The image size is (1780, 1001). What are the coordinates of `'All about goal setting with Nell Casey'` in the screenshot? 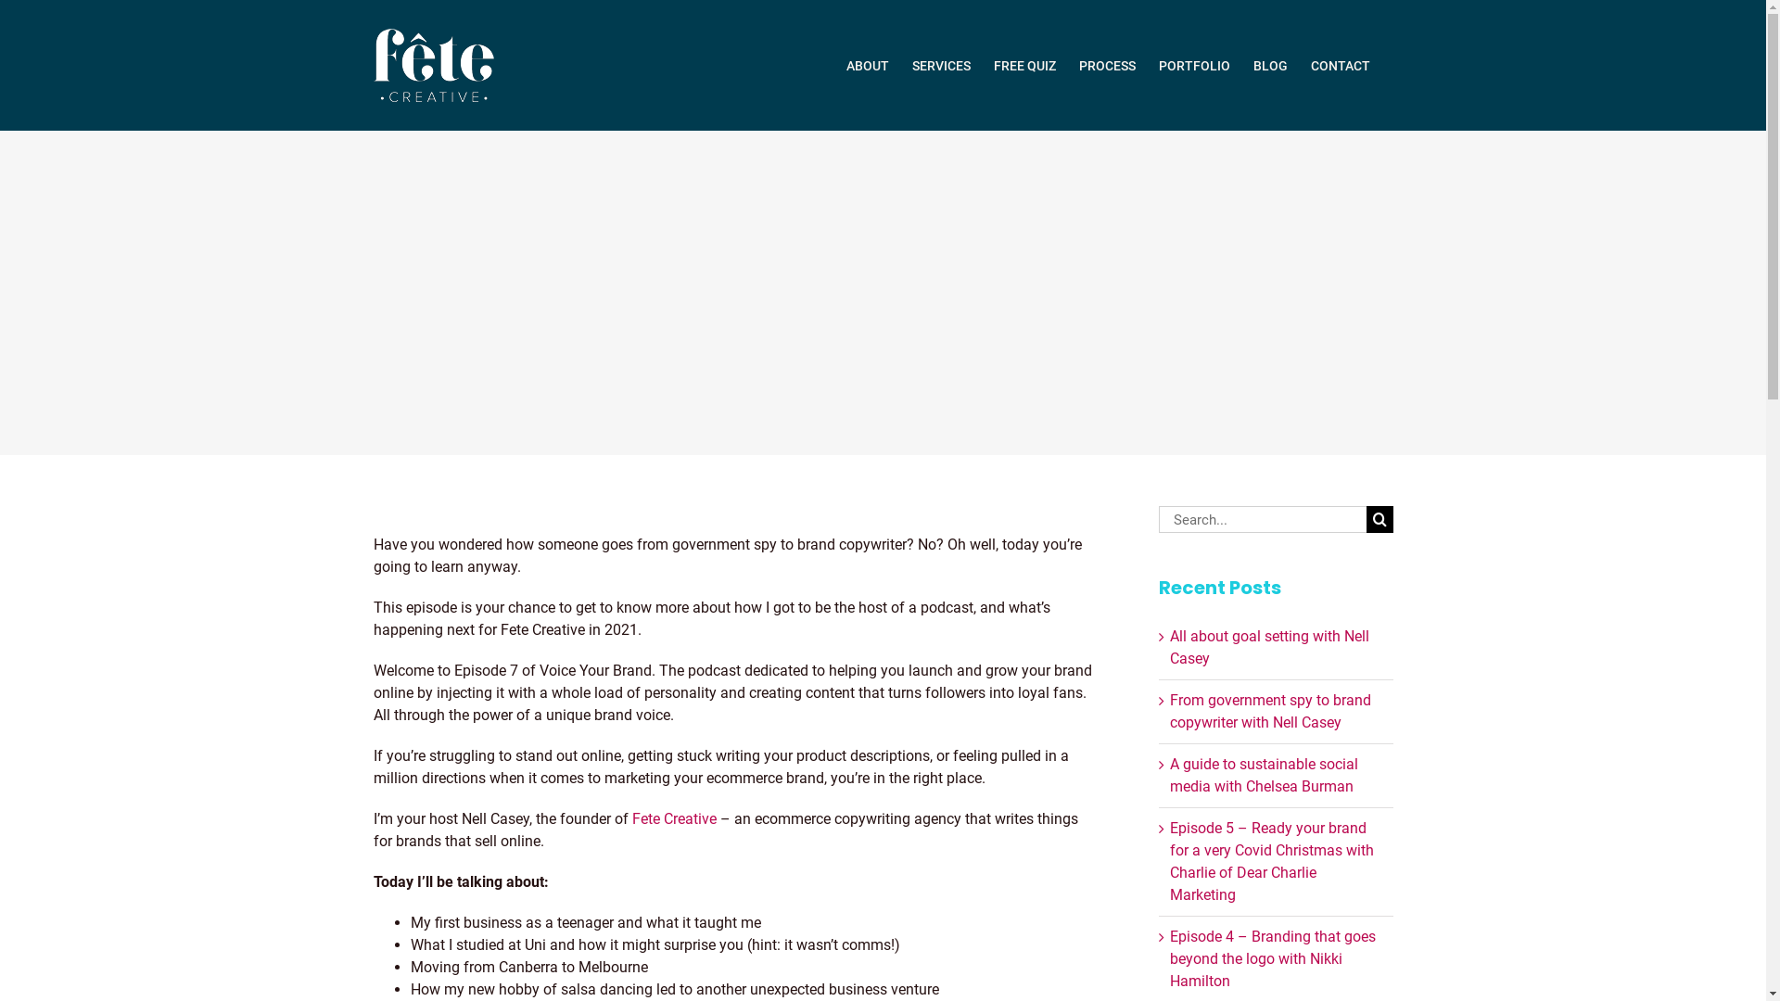 It's located at (1268, 646).